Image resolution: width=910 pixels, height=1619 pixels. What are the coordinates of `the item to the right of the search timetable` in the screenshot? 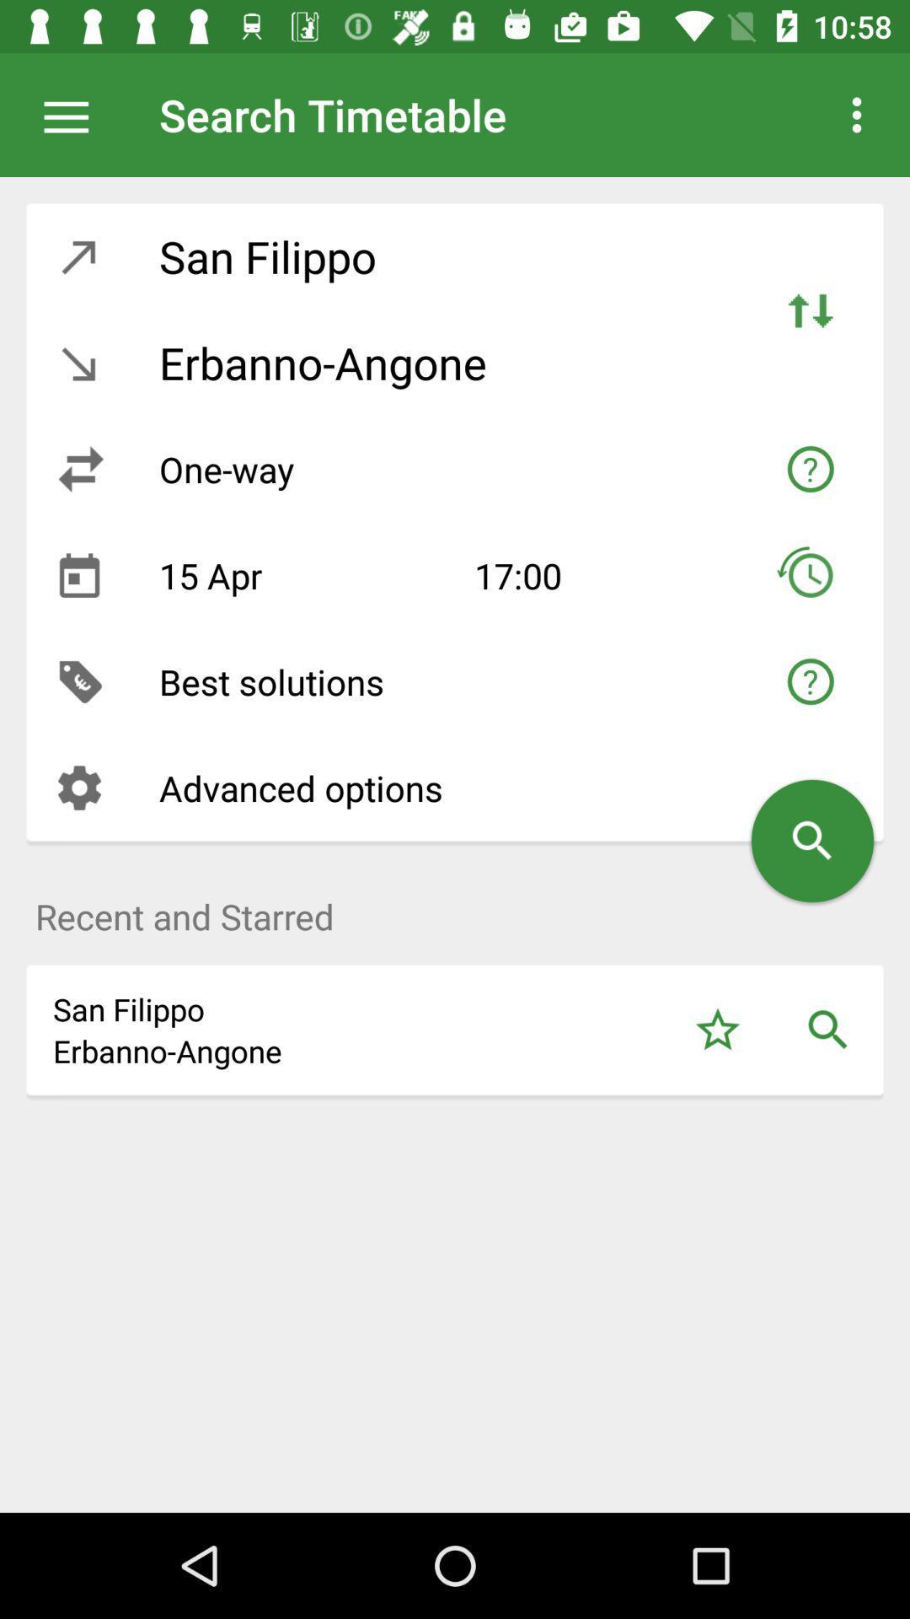 It's located at (857, 114).